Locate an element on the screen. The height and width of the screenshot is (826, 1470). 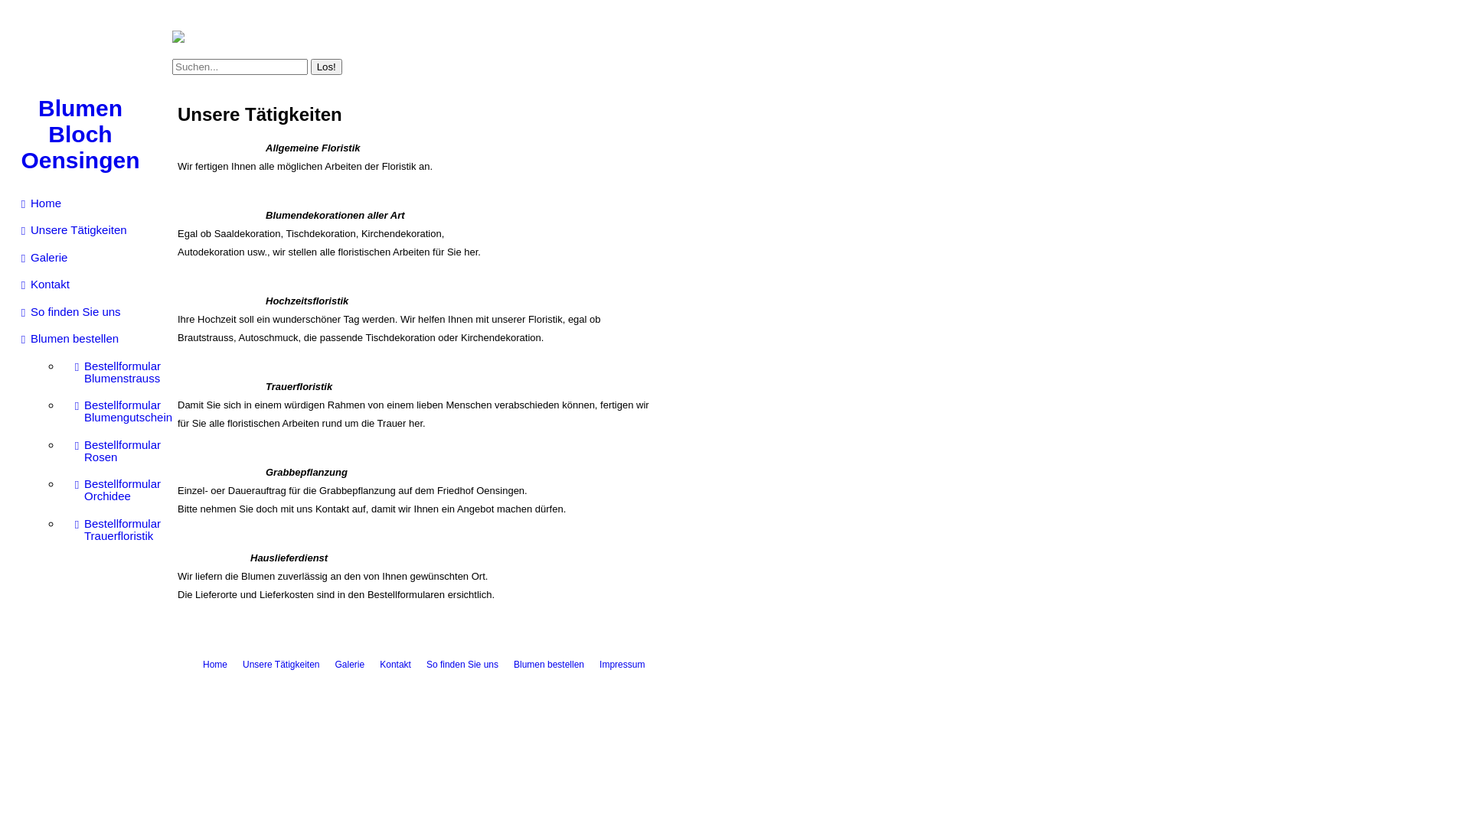
'Blumen bestellen' is located at coordinates (87, 338).